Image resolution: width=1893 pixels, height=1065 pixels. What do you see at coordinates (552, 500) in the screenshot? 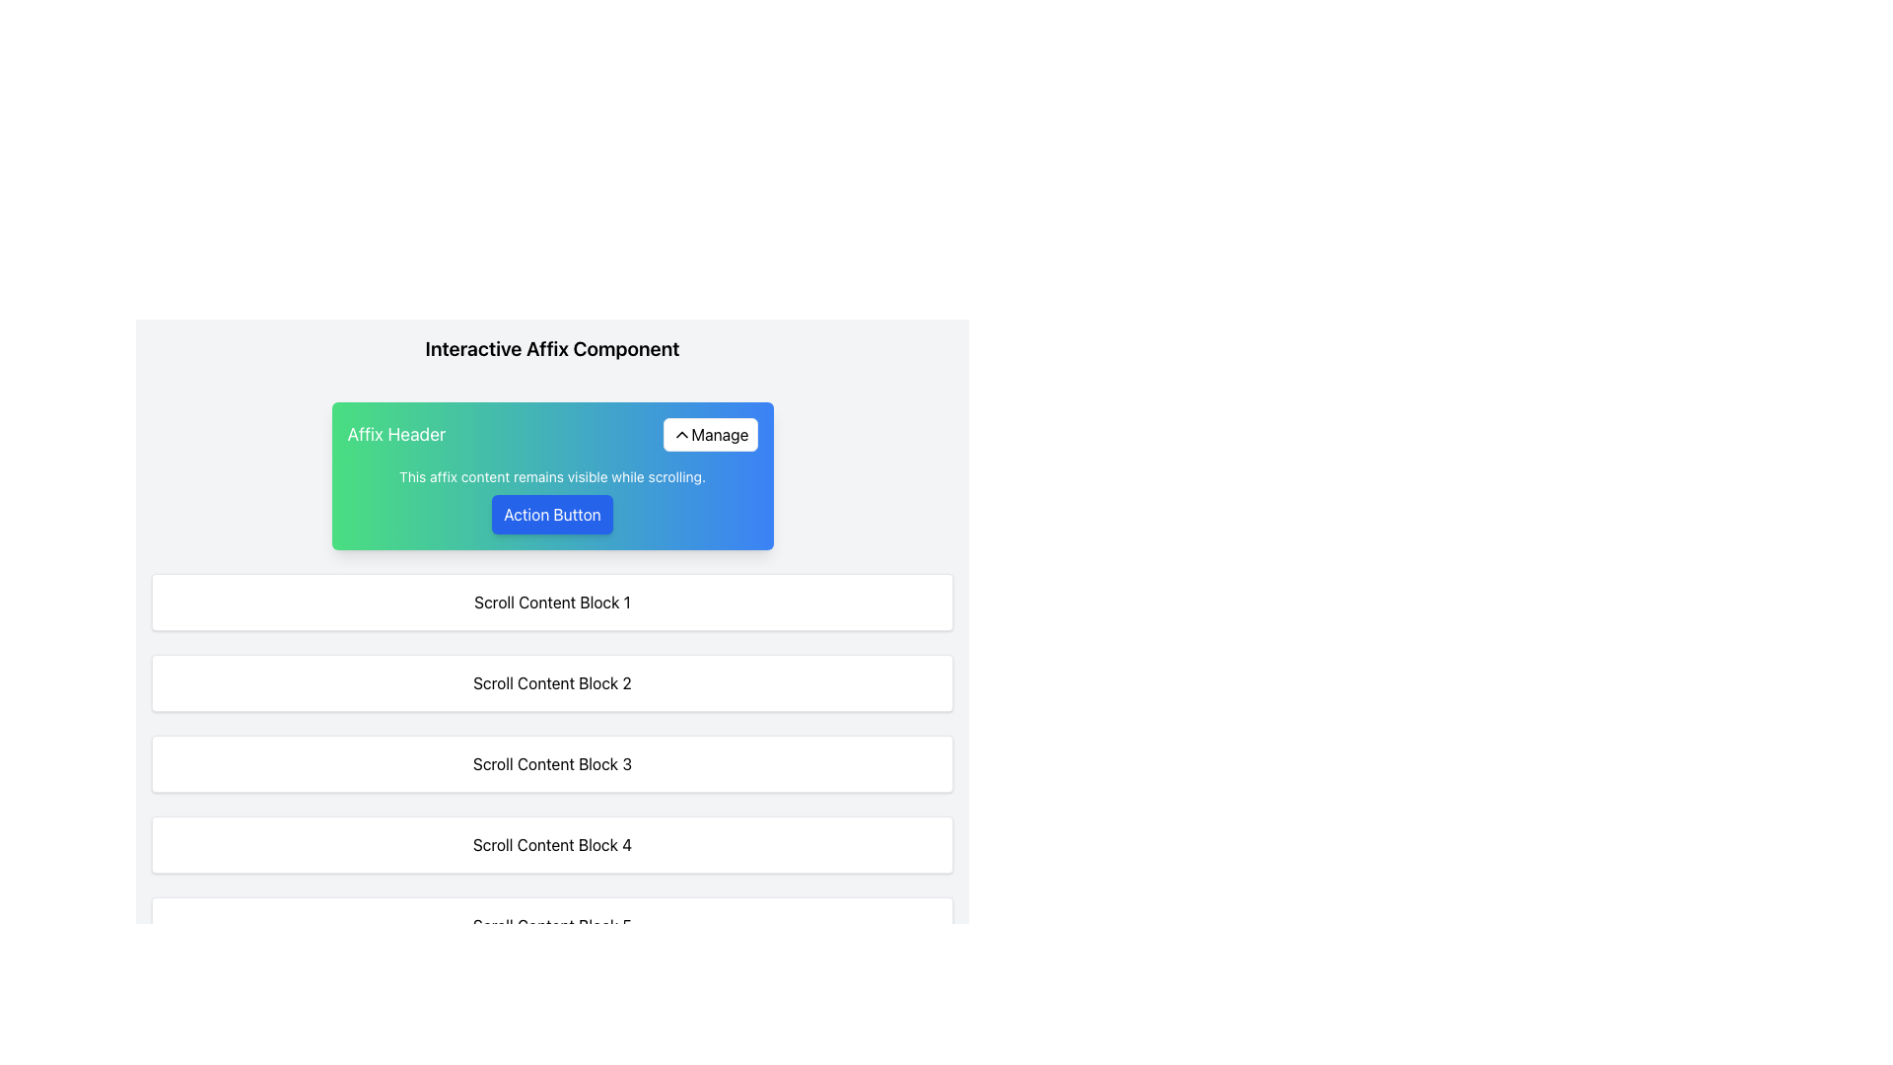
I see `the actionable button located in the sticky gradient-colored header, just below the text 'Affix Header'` at bounding box center [552, 500].